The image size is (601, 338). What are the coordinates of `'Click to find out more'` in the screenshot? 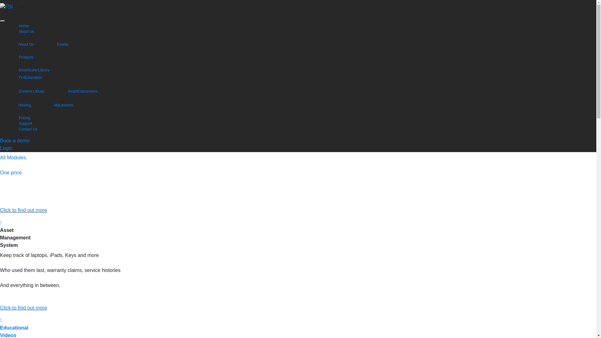 It's located at (23, 210).